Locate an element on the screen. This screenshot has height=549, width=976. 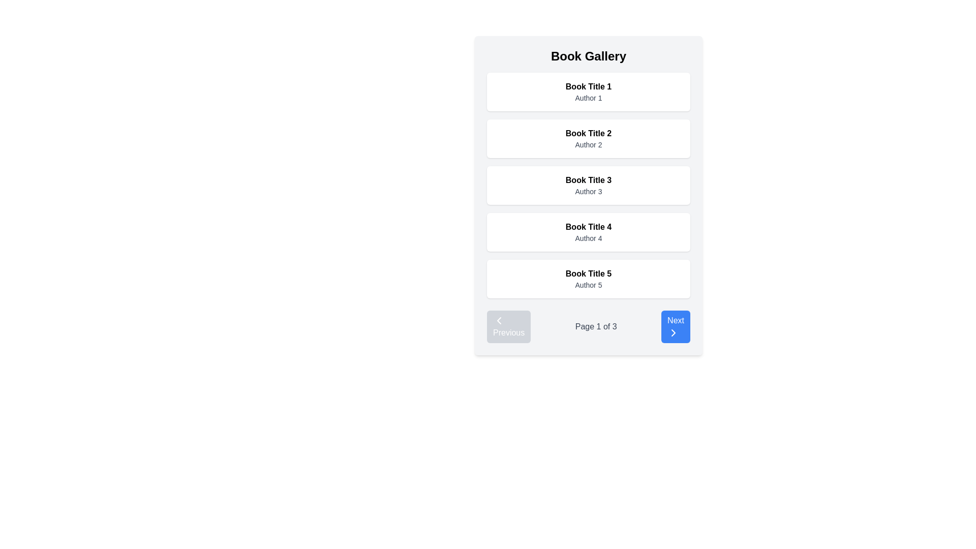
the book information card located at the bottom of the Book Gallery, which displays the title and author details is located at coordinates (588, 279).